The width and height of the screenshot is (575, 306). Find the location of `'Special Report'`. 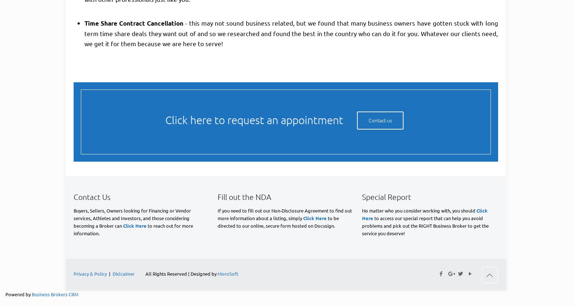

'Special Report' is located at coordinates (386, 196).